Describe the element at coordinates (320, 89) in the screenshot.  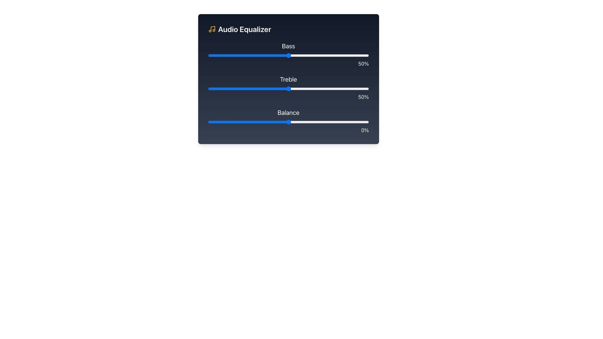
I see `the treble level` at that location.